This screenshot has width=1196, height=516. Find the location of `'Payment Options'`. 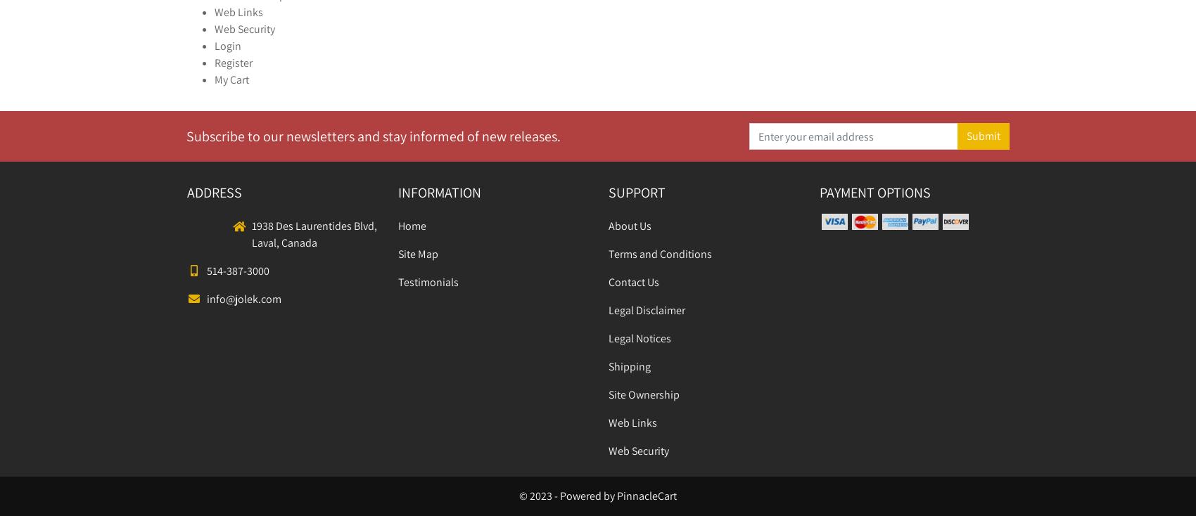

'Payment Options' is located at coordinates (874, 192).